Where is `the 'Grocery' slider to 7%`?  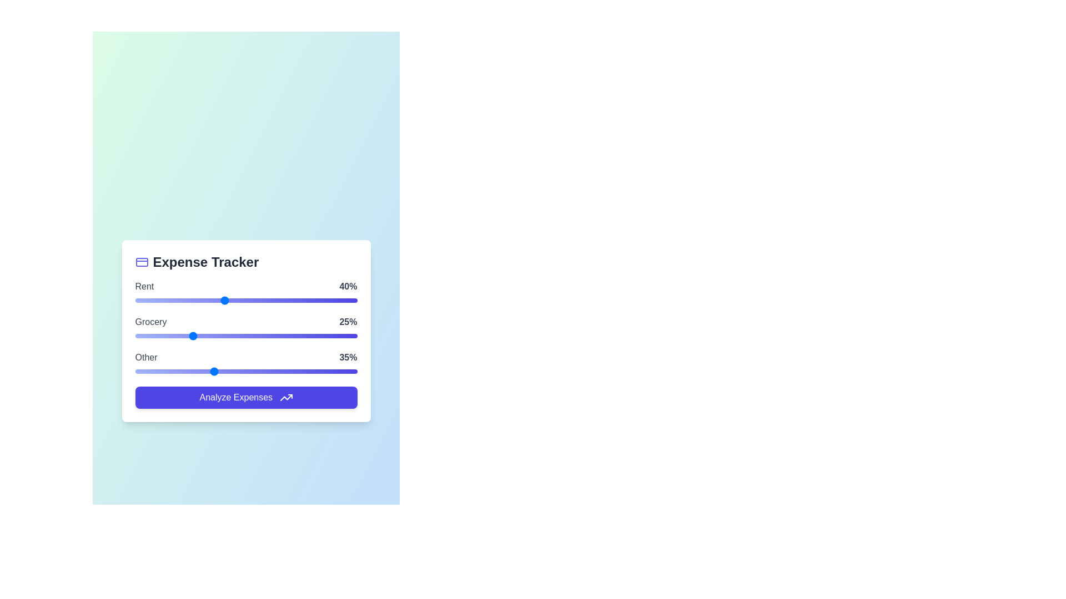 the 'Grocery' slider to 7% is located at coordinates (150, 335).